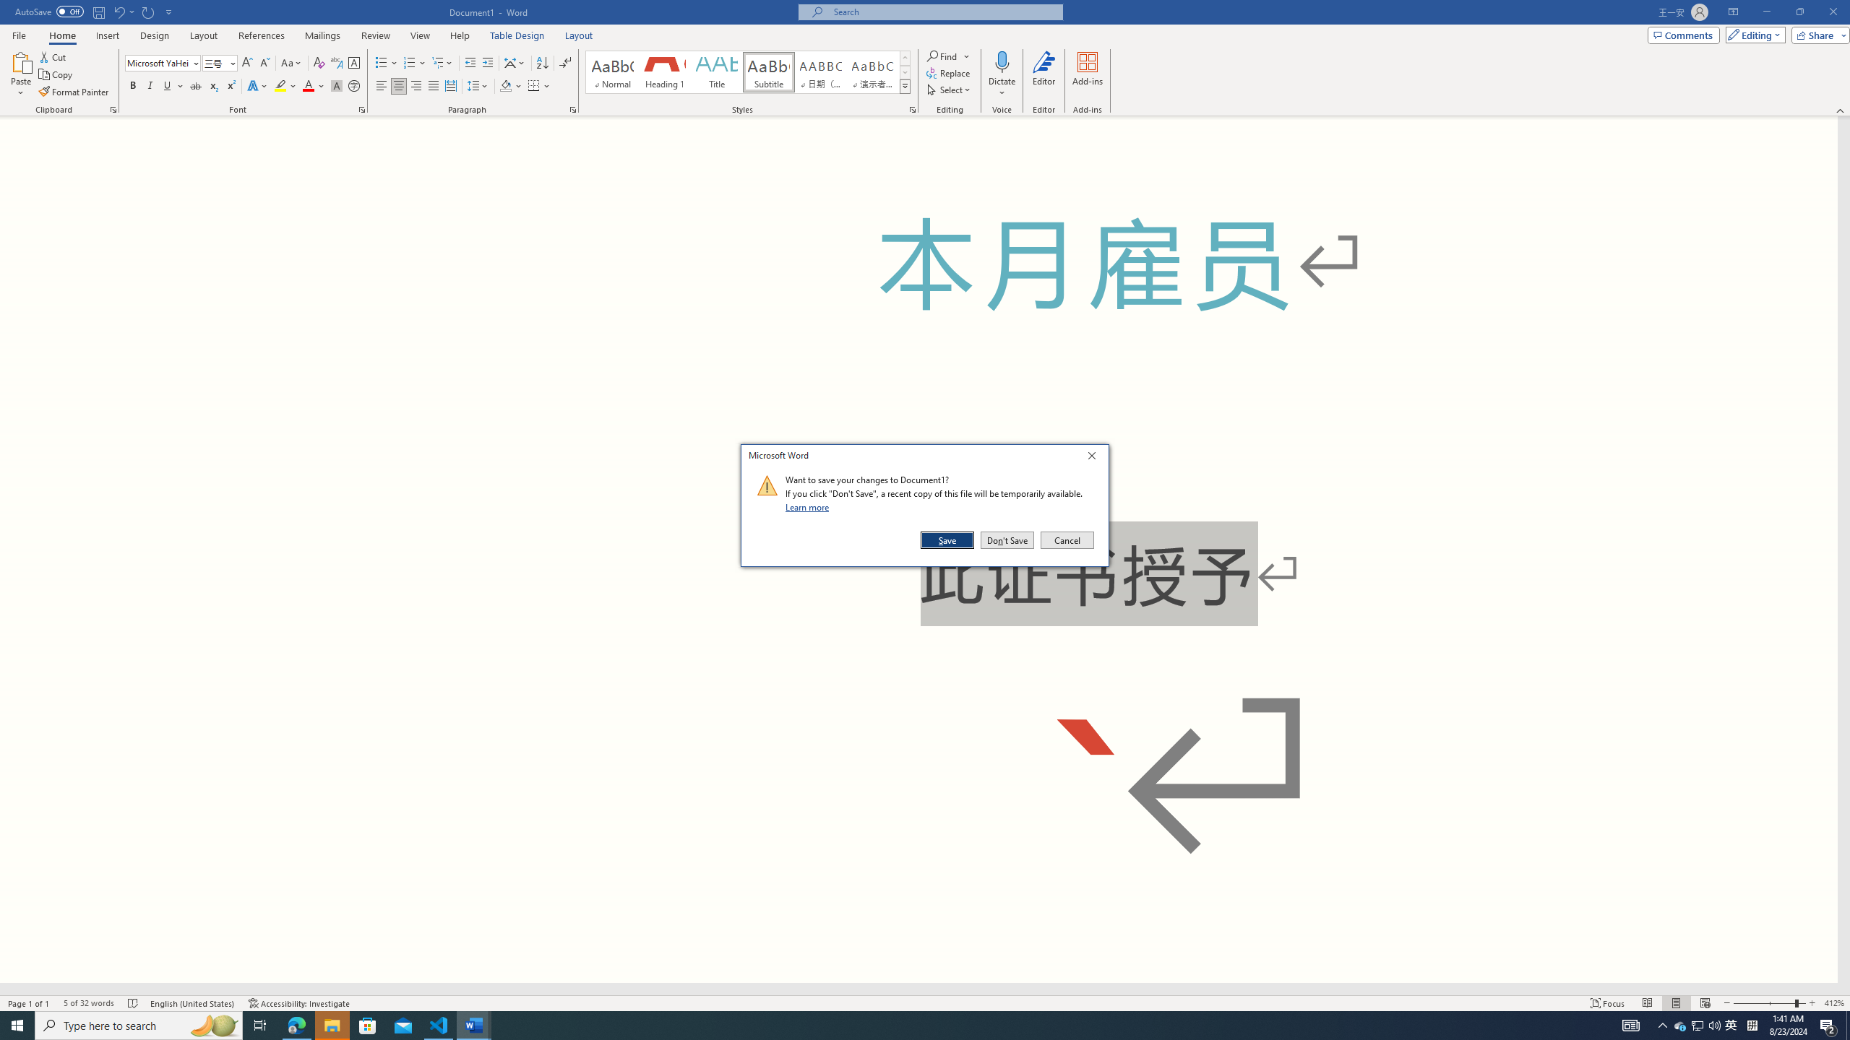  What do you see at coordinates (510, 85) in the screenshot?
I see `'Shading'` at bounding box center [510, 85].